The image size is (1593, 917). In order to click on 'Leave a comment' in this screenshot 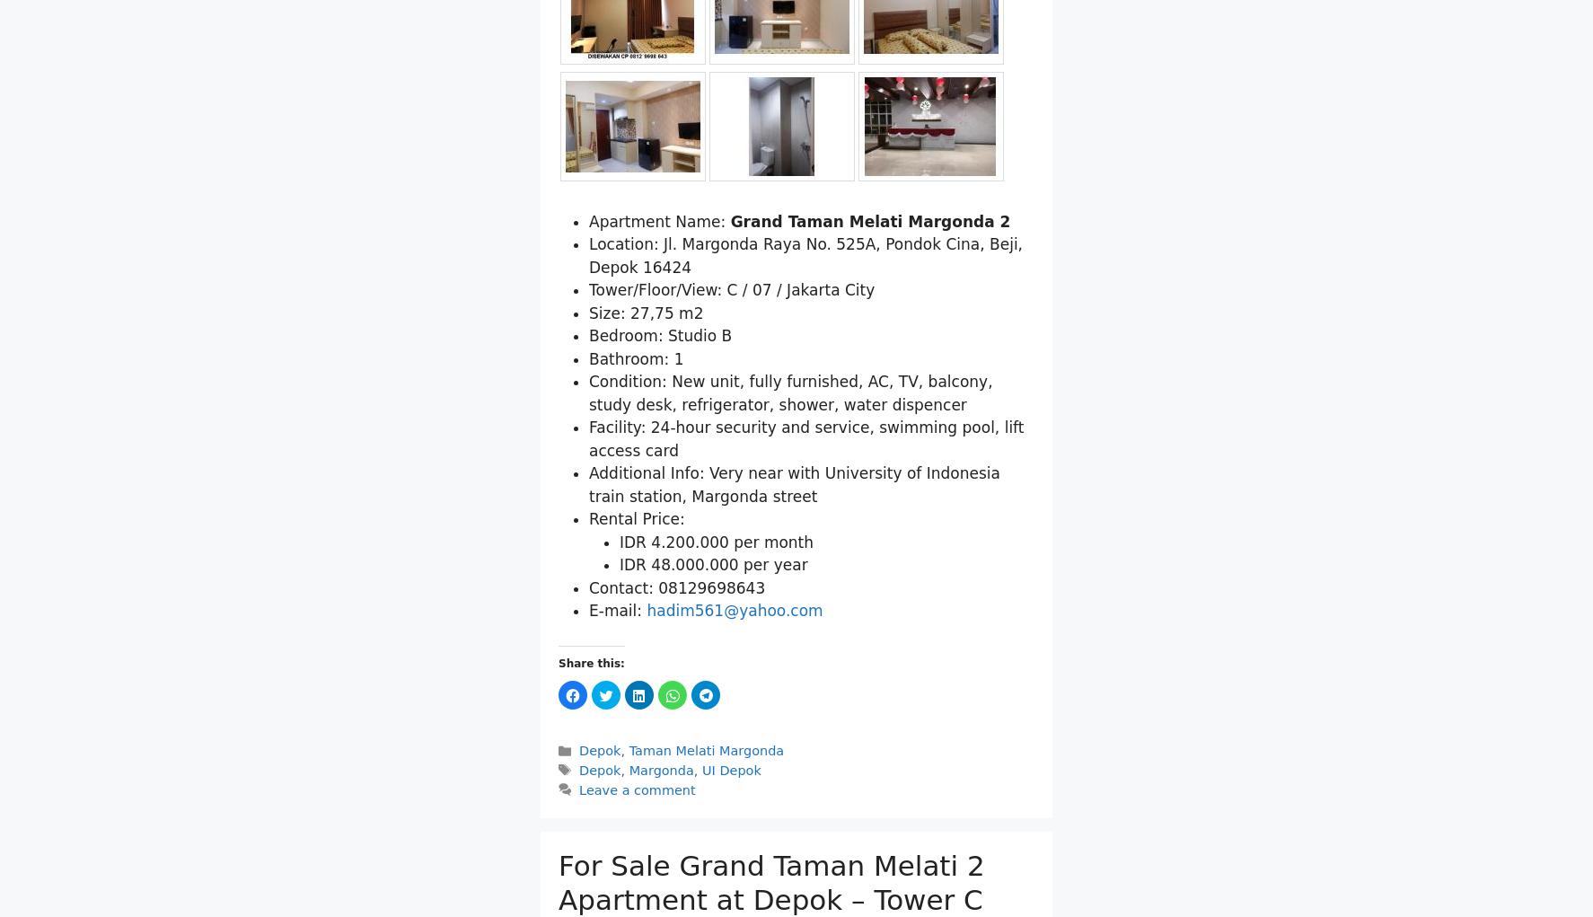, I will do `click(637, 788)`.